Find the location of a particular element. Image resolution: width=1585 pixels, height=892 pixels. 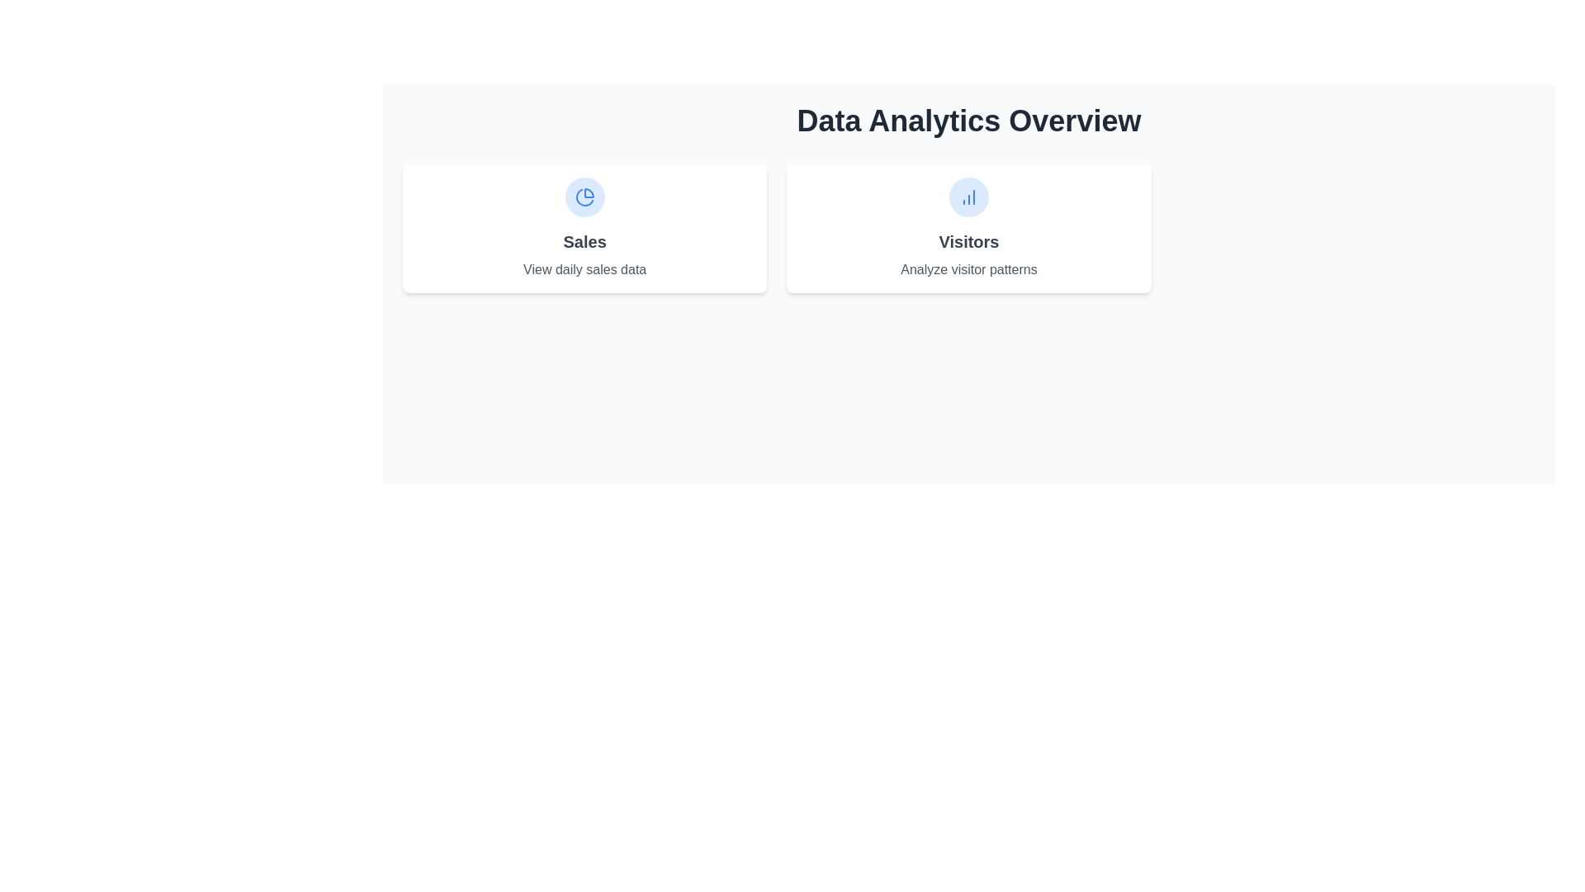

the circular UI component with a light blue background containing a pie chart icon, positioned centrally above the 'Sales' text in the card labeled 'Sales' is located at coordinates (584, 197).